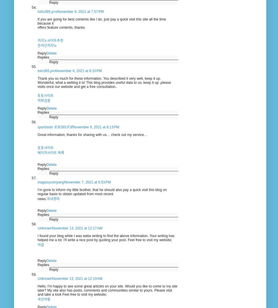 This screenshot has width=278, height=308. Describe the element at coordinates (55, 127) in the screenshot. I see `'sportstoto 토토365프로'` at that location.